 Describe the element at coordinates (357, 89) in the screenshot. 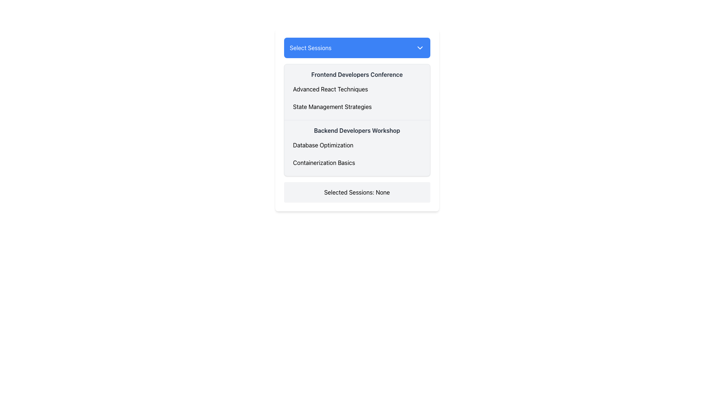

I see `on the 'Advanced React Techniques' text label, which is the first selectable item in a vertically stacked dropdown menu, styled with a light gray background and rounded corners` at that location.